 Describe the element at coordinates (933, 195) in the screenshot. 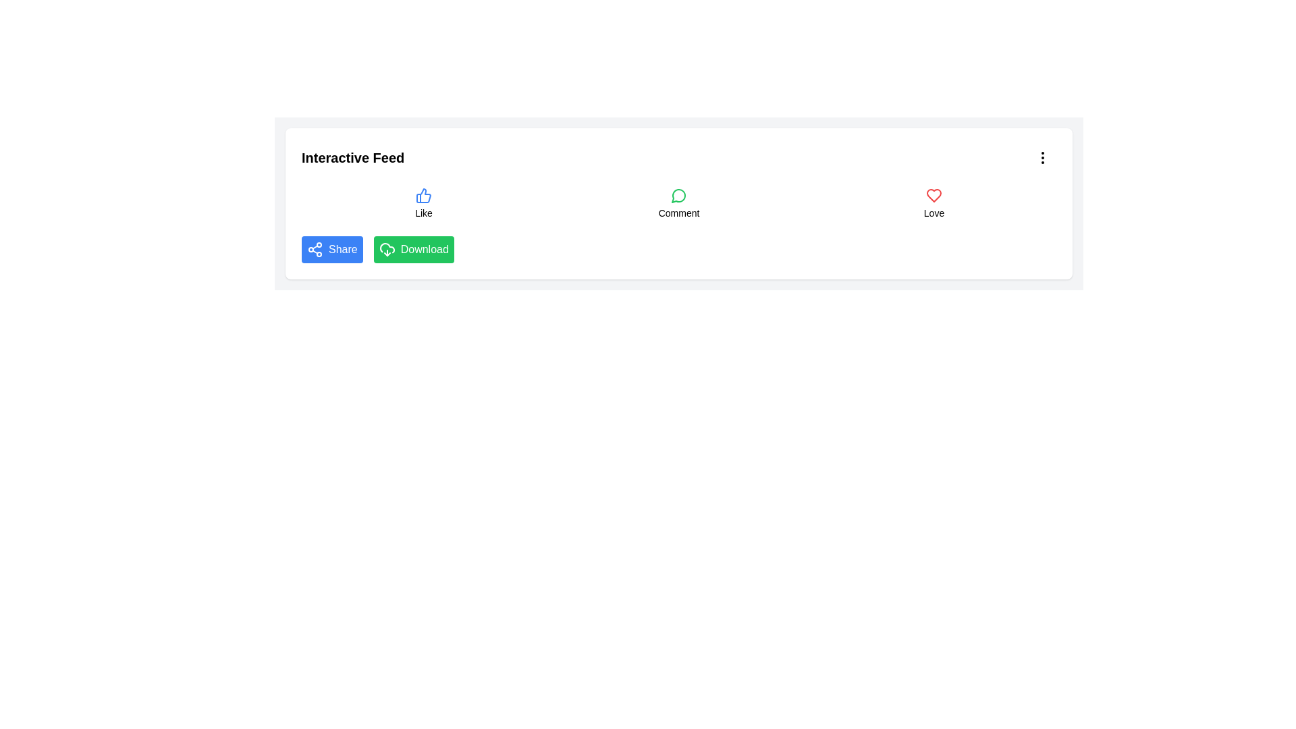

I see `the visual representation of the red heart icon located beneath the 'Love' label in the interface, positioned at the bottom right of the main interactive panel` at that location.